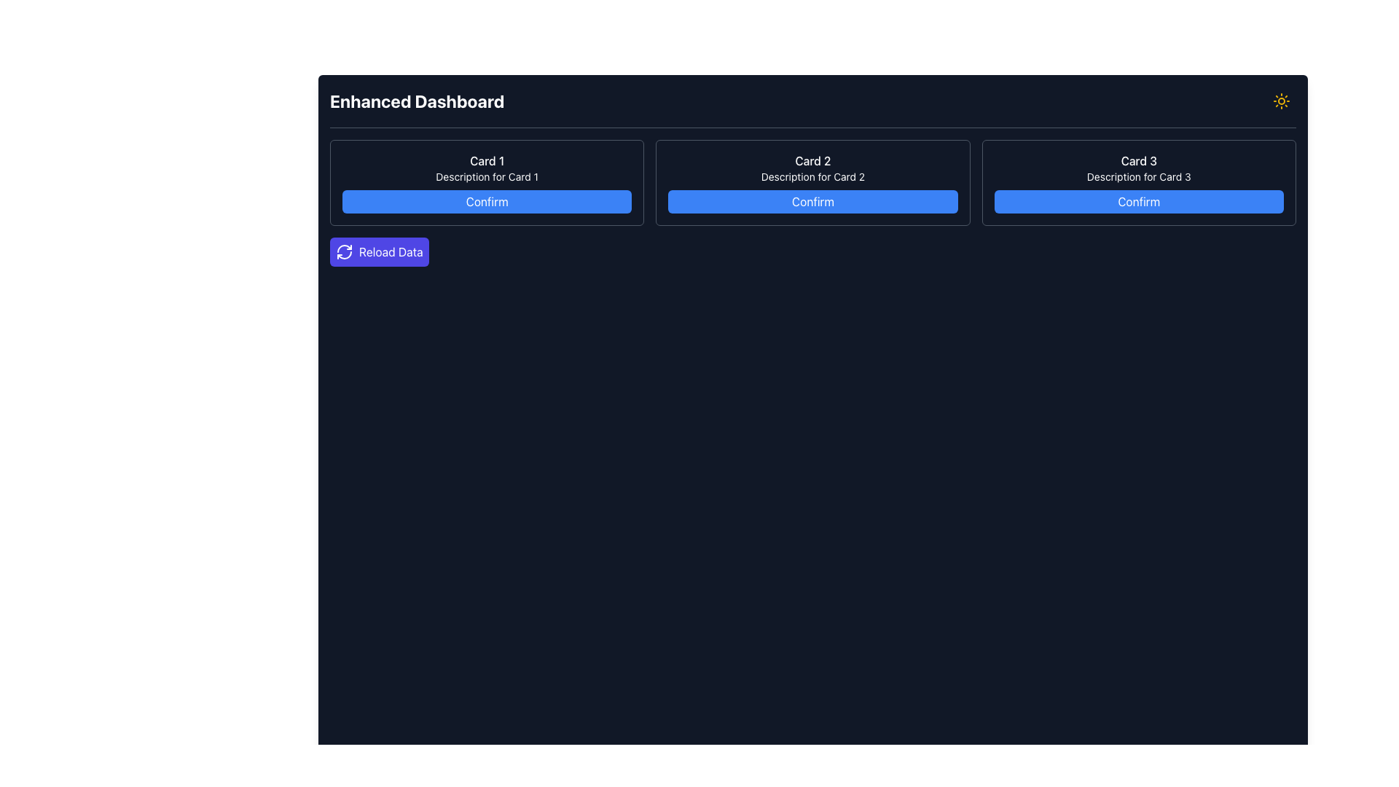  What do you see at coordinates (1280, 100) in the screenshot?
I see `the circular button with a sun icon on the far-right side of the navigation header` at bounding box center [1280, 100].